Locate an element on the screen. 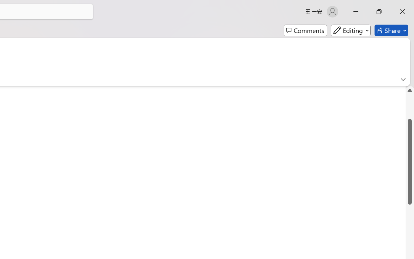 The image size is (414, 259). 'Mode' is located at coordinates (350, 30).